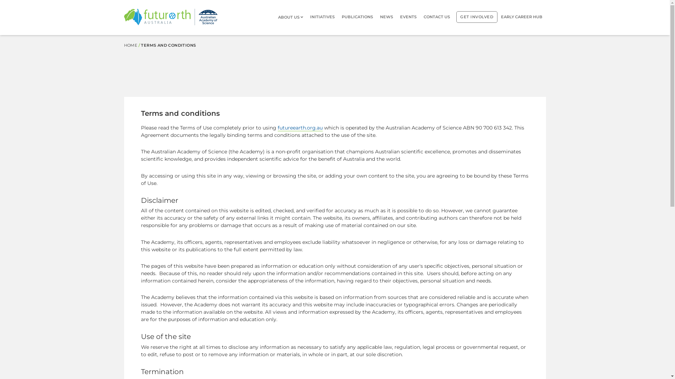 The width and height of the screenshot is (675, 379). I want to click on 'NEWS', so click(386, 16).